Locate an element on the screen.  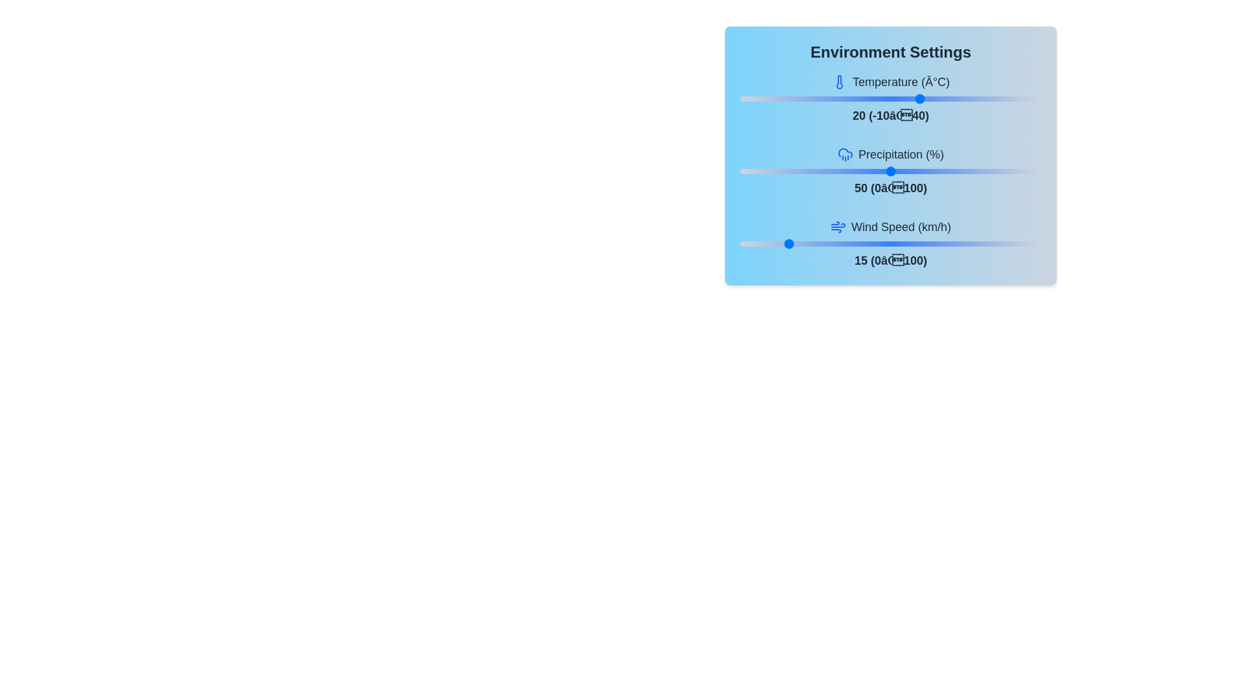
the precipitation level is located at coordinates (981, 171).